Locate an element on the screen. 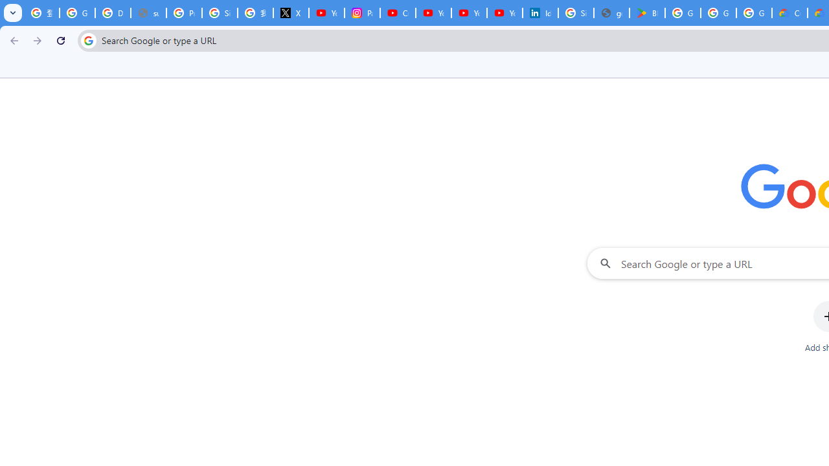 Image resolution: width=829 pixels, height=466 pixels. 'Bluey: Let' is located at coordinates (647, 13).